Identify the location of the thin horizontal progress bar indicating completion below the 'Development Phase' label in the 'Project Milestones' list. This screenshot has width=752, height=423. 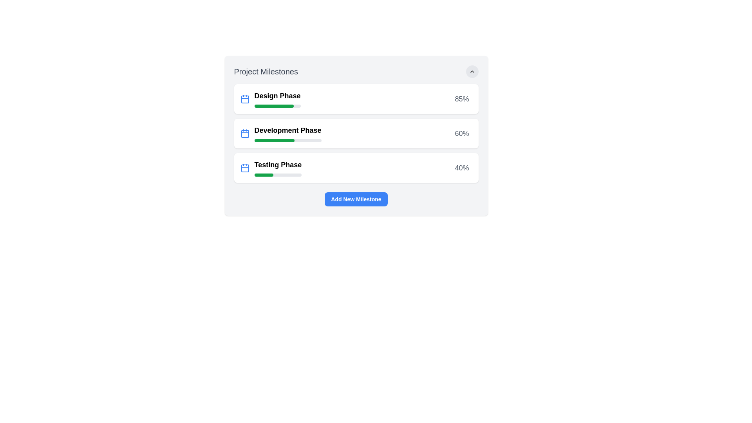
(287, 140).